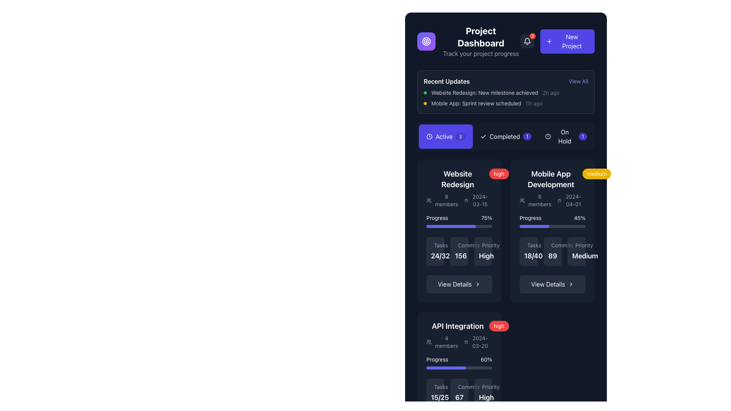  What do you see at coordinates (466, 200) in the screenshot?
I see `the calendar icon located to the left of the date text '2024-03-15' inside the 'Website Redesign' card in the dashboard layout` at bounding box center [466, 200].